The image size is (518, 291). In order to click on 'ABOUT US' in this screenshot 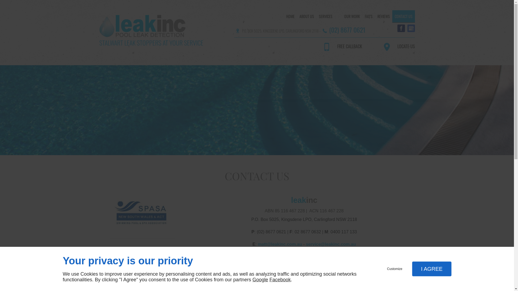, I will do `click(306, 16)`.